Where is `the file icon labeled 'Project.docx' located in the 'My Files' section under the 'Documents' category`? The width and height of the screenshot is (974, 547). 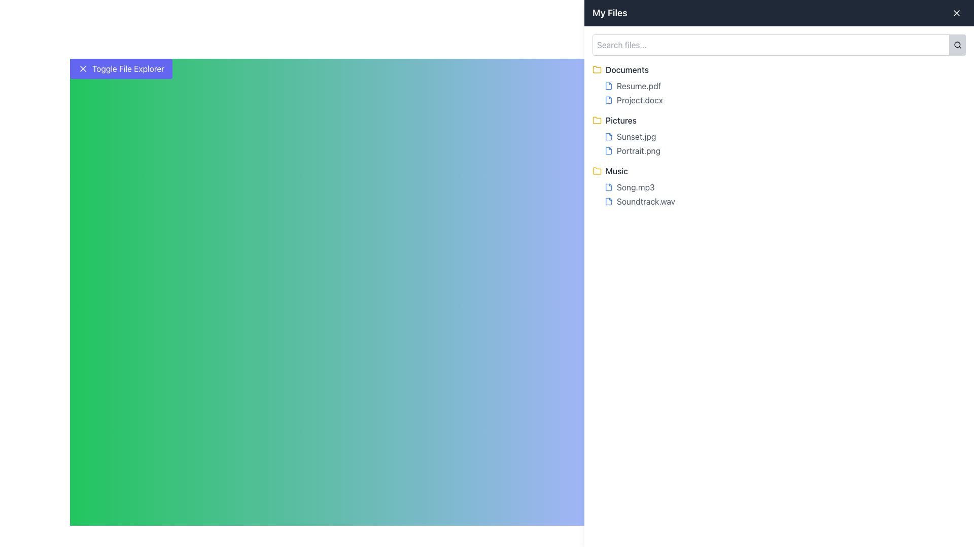 the file icon labeled 'Project.docx' located in the 'My Files' section under the 'Documents' category is located at coordinates (609, 100).